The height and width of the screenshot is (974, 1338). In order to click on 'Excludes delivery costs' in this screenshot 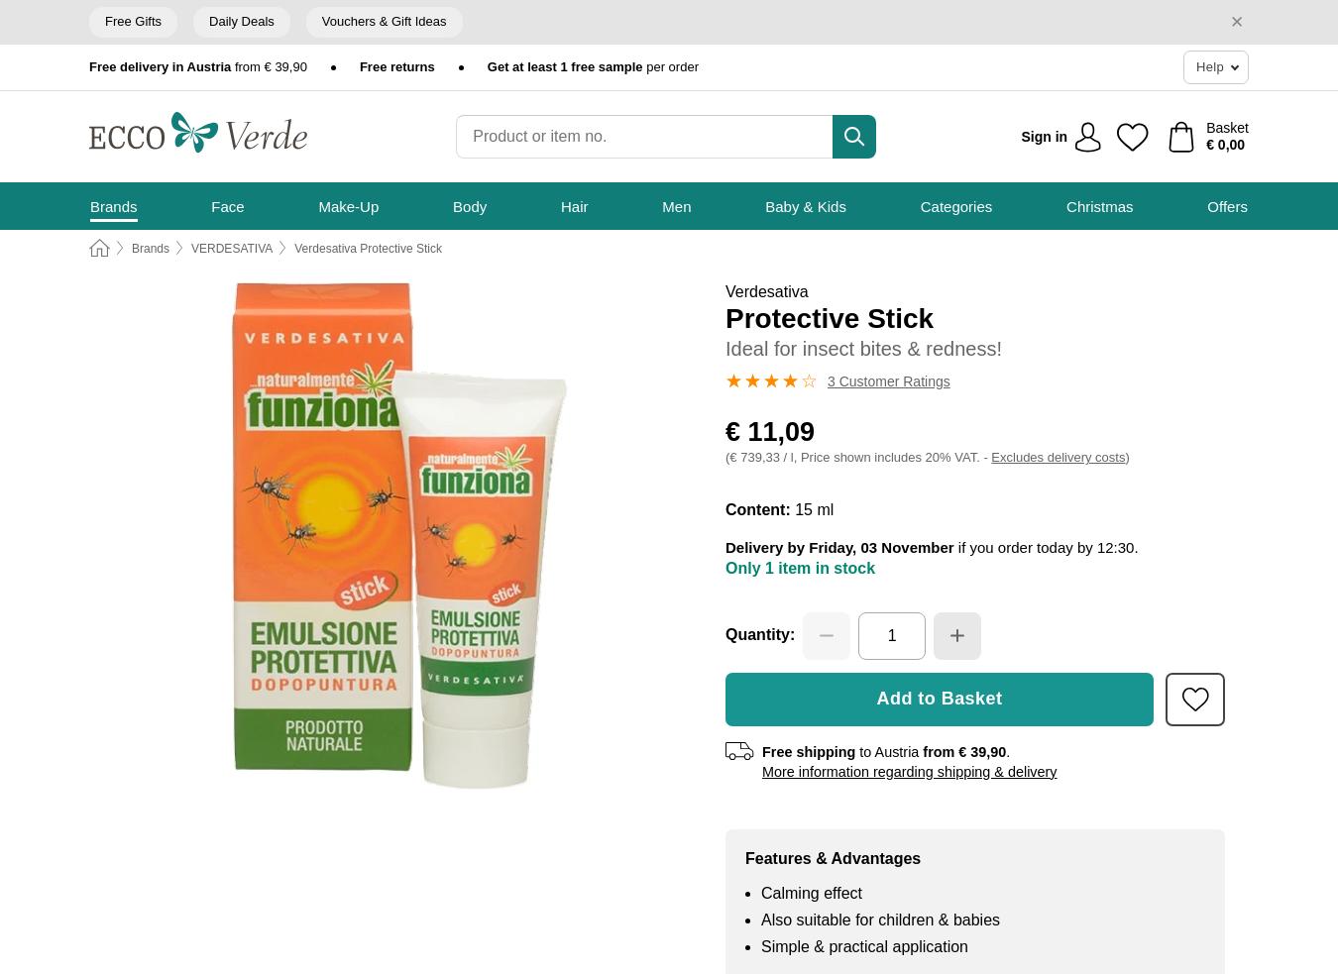, I will do `click(1058, 456)`.